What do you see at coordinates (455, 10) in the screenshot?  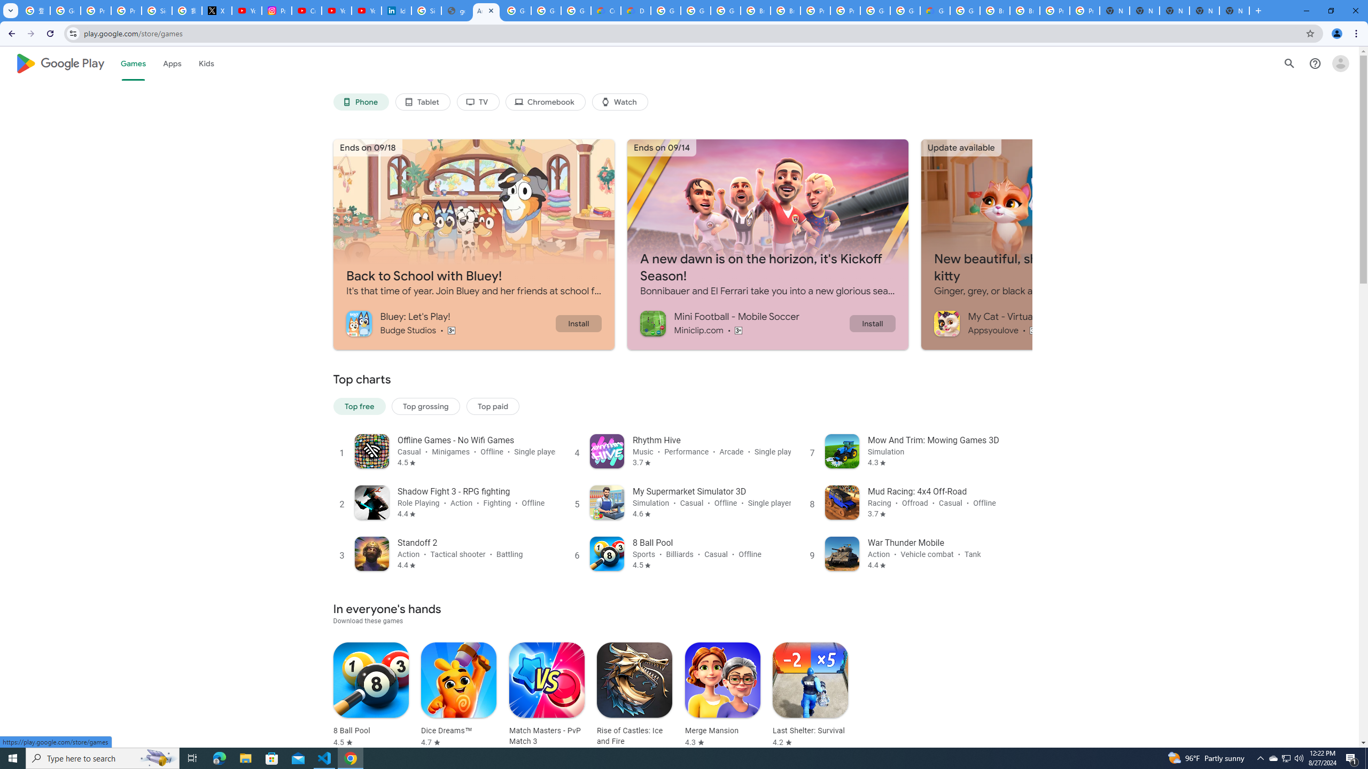 I see `'google_privacy_policy_en.pdf'` at bounding box center [455, 10].